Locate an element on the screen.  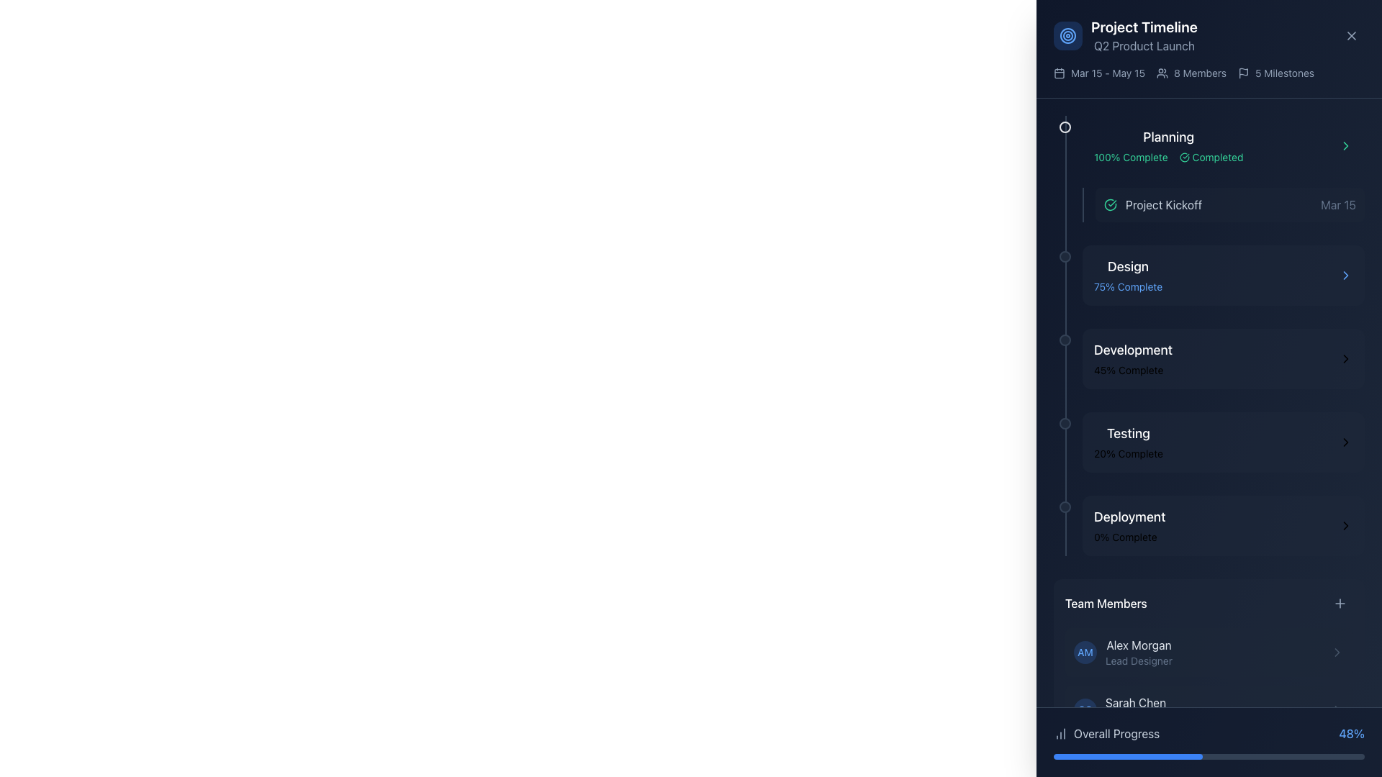
the small right-chevron icon located next to the 'Planning' section title is located at coordinates (1345, 146).